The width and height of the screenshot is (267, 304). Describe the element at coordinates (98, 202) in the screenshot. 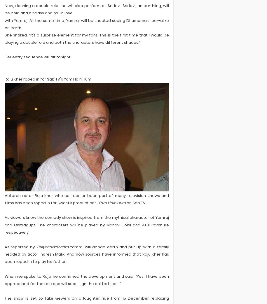

I see `'Yam Hain Hum'` at that location.